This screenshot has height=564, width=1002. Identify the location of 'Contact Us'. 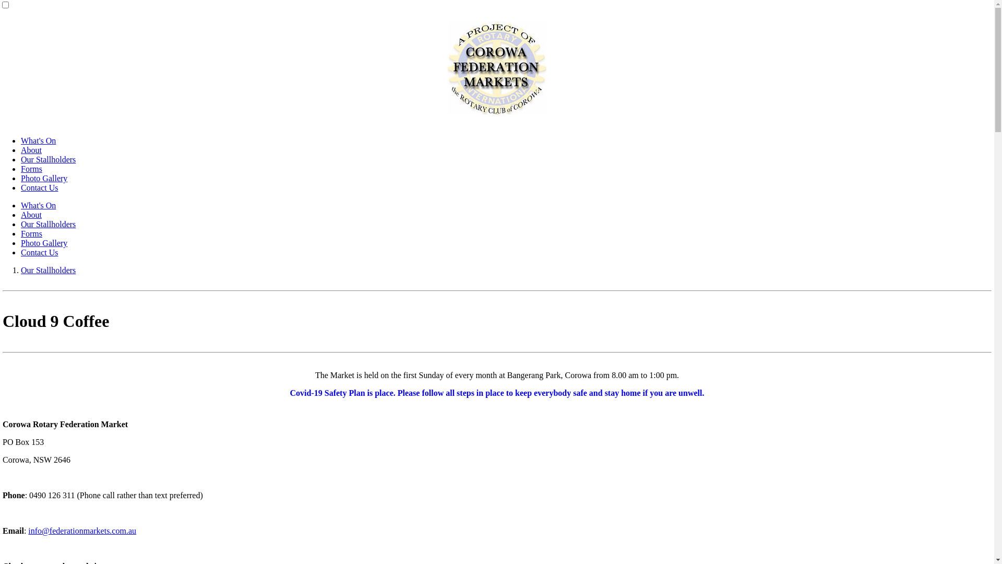
(40, 252).